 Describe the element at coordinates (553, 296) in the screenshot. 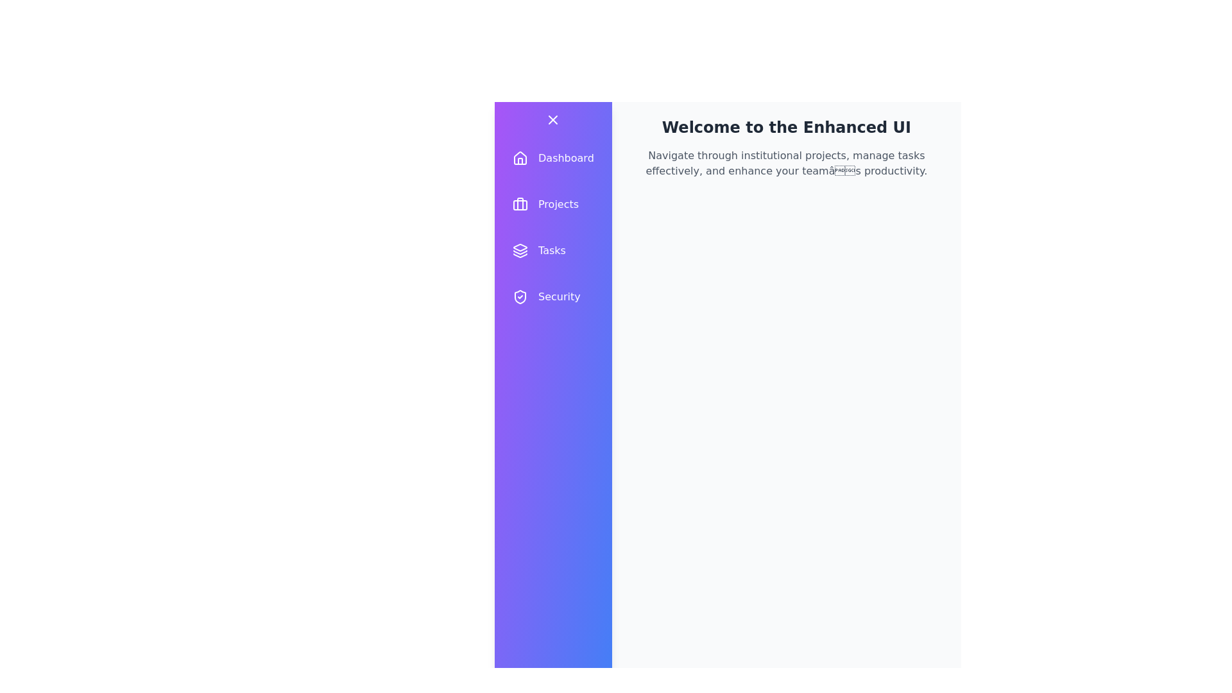

I see `the fourth navigation item in the left-aligned sidebar` at that location.